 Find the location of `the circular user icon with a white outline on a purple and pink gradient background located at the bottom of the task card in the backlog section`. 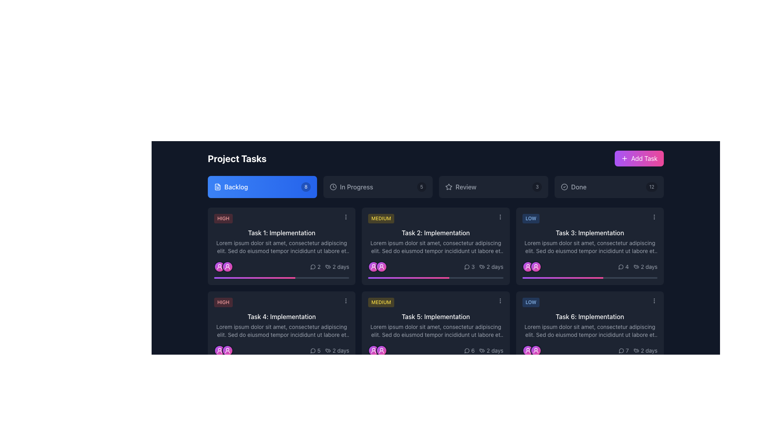

the circular user icon with a white outline on a purple and pink gradient background located at the bottom of the task card in the backlog section is located at coordinates (373, 267).